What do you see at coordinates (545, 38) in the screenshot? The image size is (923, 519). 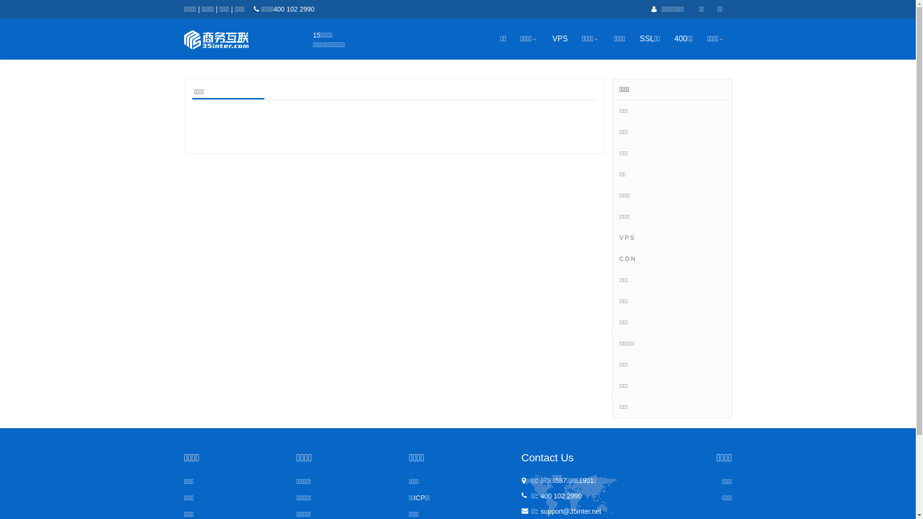 I see `'VPS'` at bounding box center [545, 38].